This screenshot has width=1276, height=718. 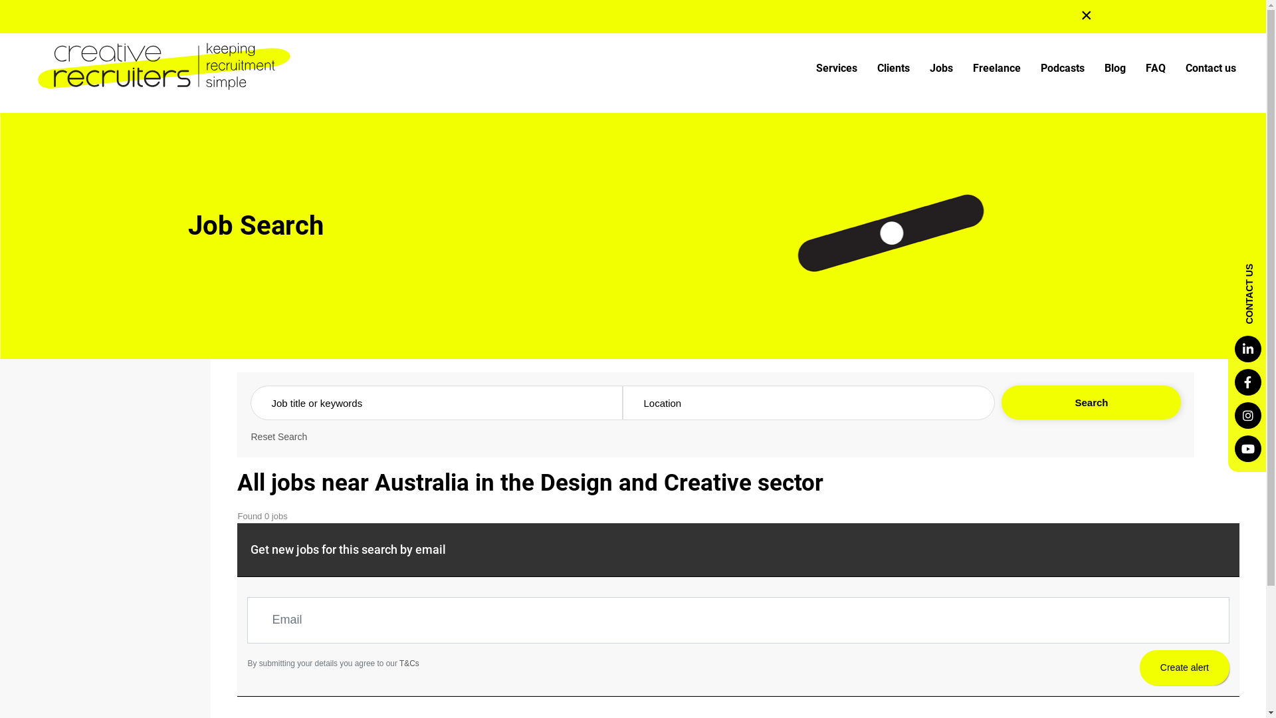 What do you see at coordinates (996, 68) in the screenshot?
I see `'Freelance'` at bounding box center [996, 68].